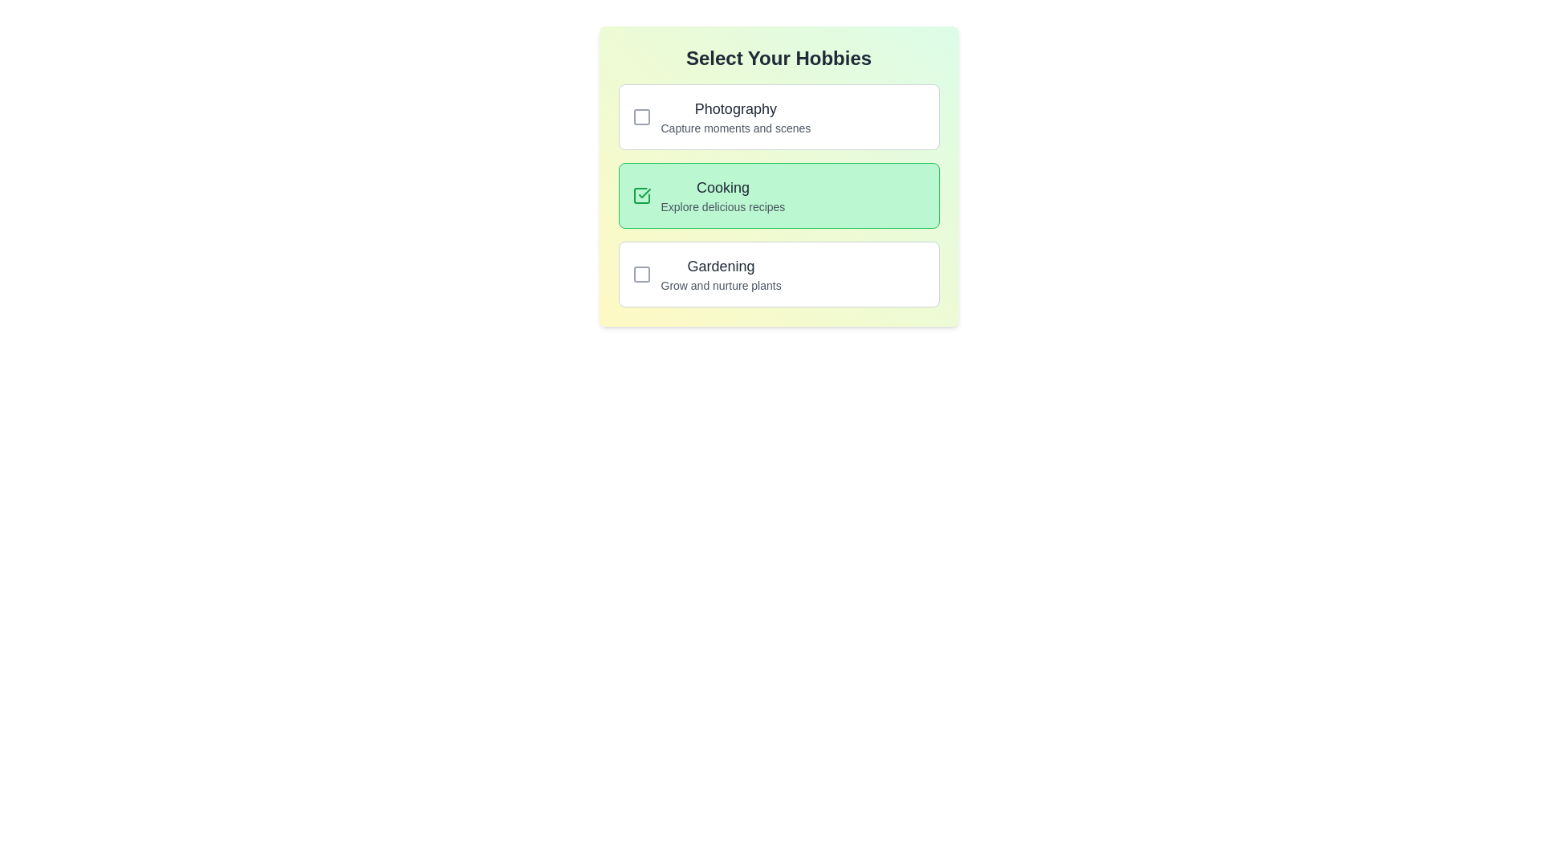  What do you see at coordinates (722, 194) in the screenshot?
I see `keyboard navigation` at bounding box center [722, 194].